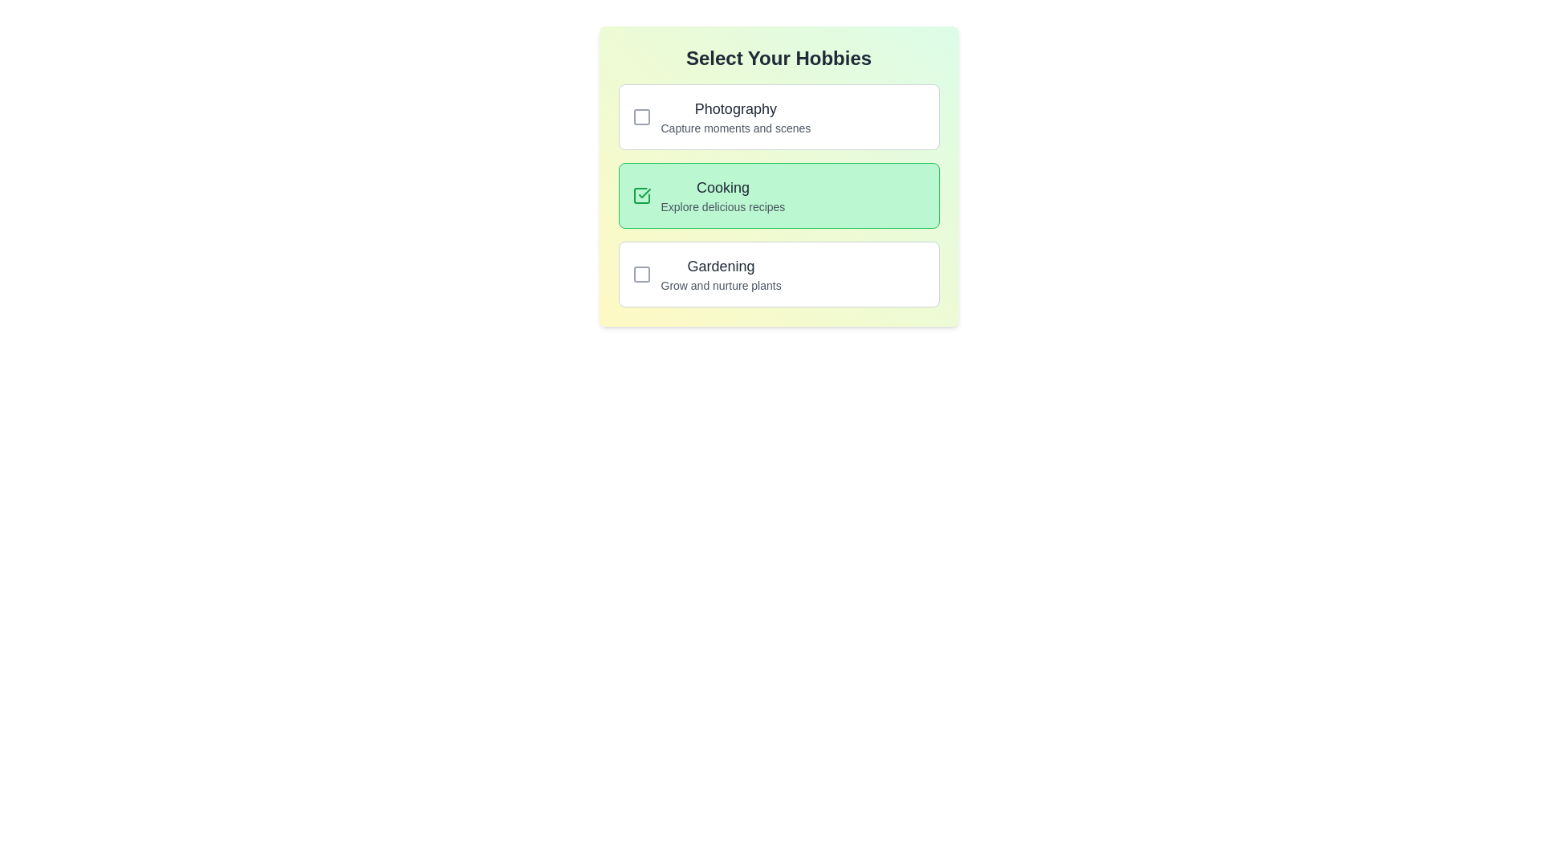  What do you see at coordinates (722, 194) in the screenshot?
I see `keyboard navigation` at bounding box center [722, 194].